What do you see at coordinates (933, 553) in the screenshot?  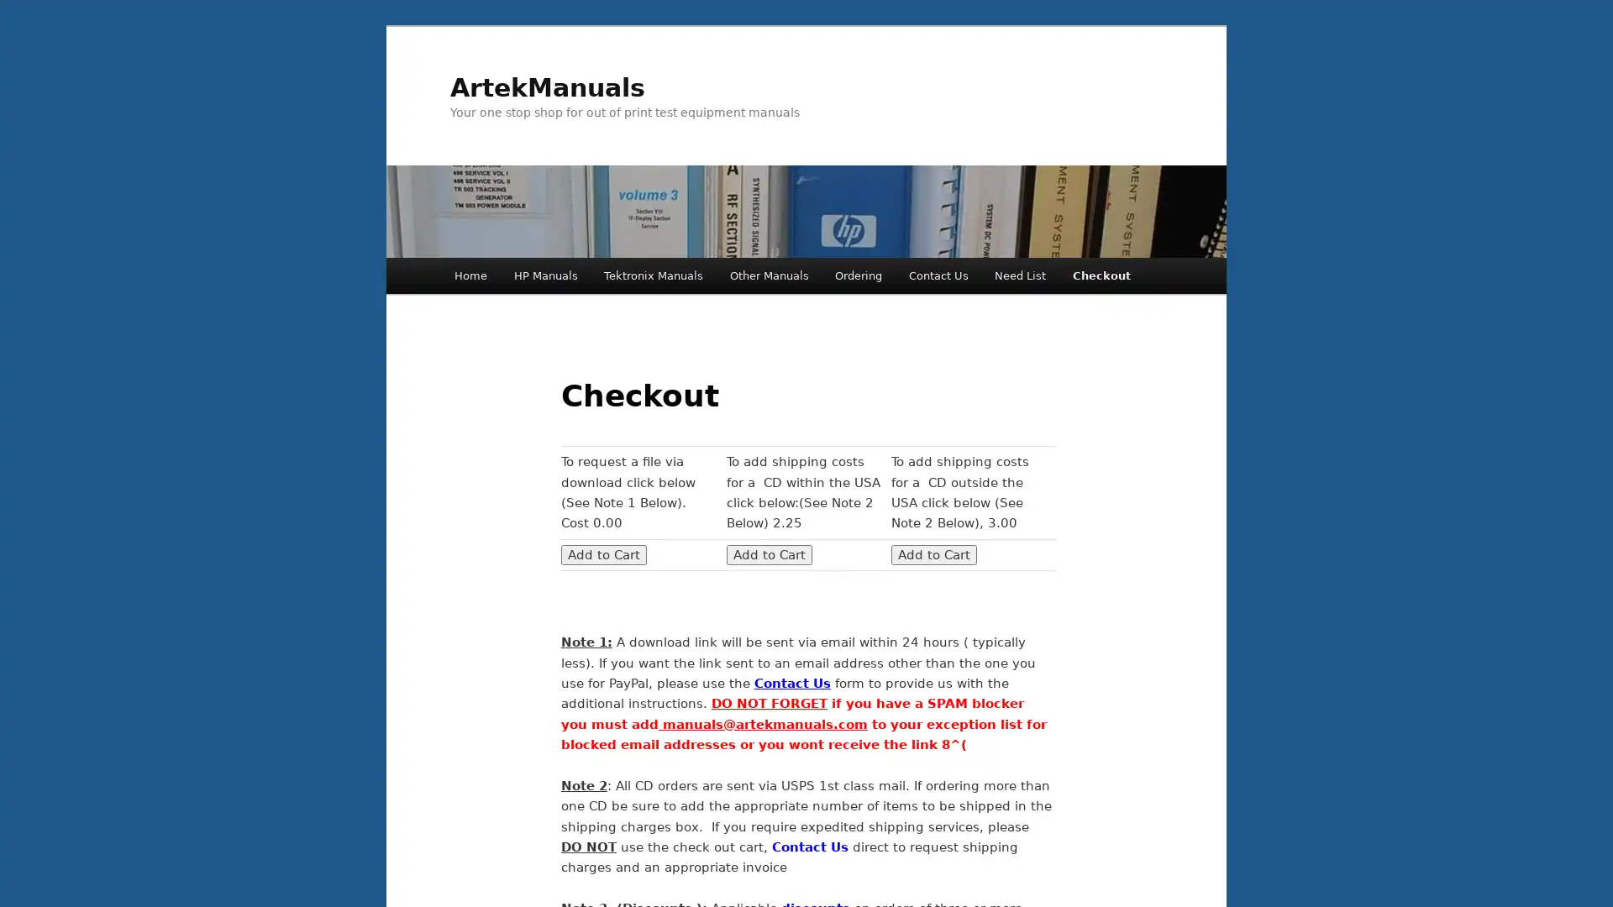 I see `Add to Cart` at bounding box center [933, 553].